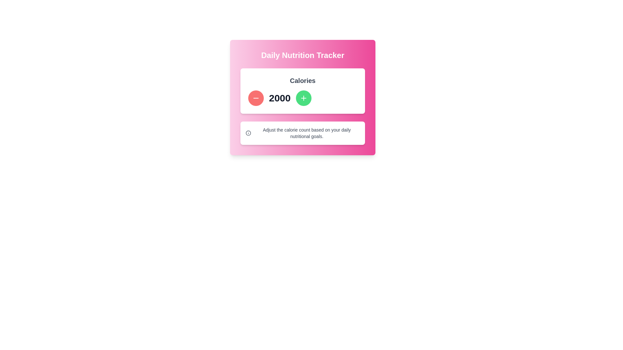 The height and width of the screenshot is (350, 623). I want to click on the green plus icon button located to the right of the numeric value '2000' in the Daily Nutrition Tracker card to increment the calorie count, so click(303, 98).